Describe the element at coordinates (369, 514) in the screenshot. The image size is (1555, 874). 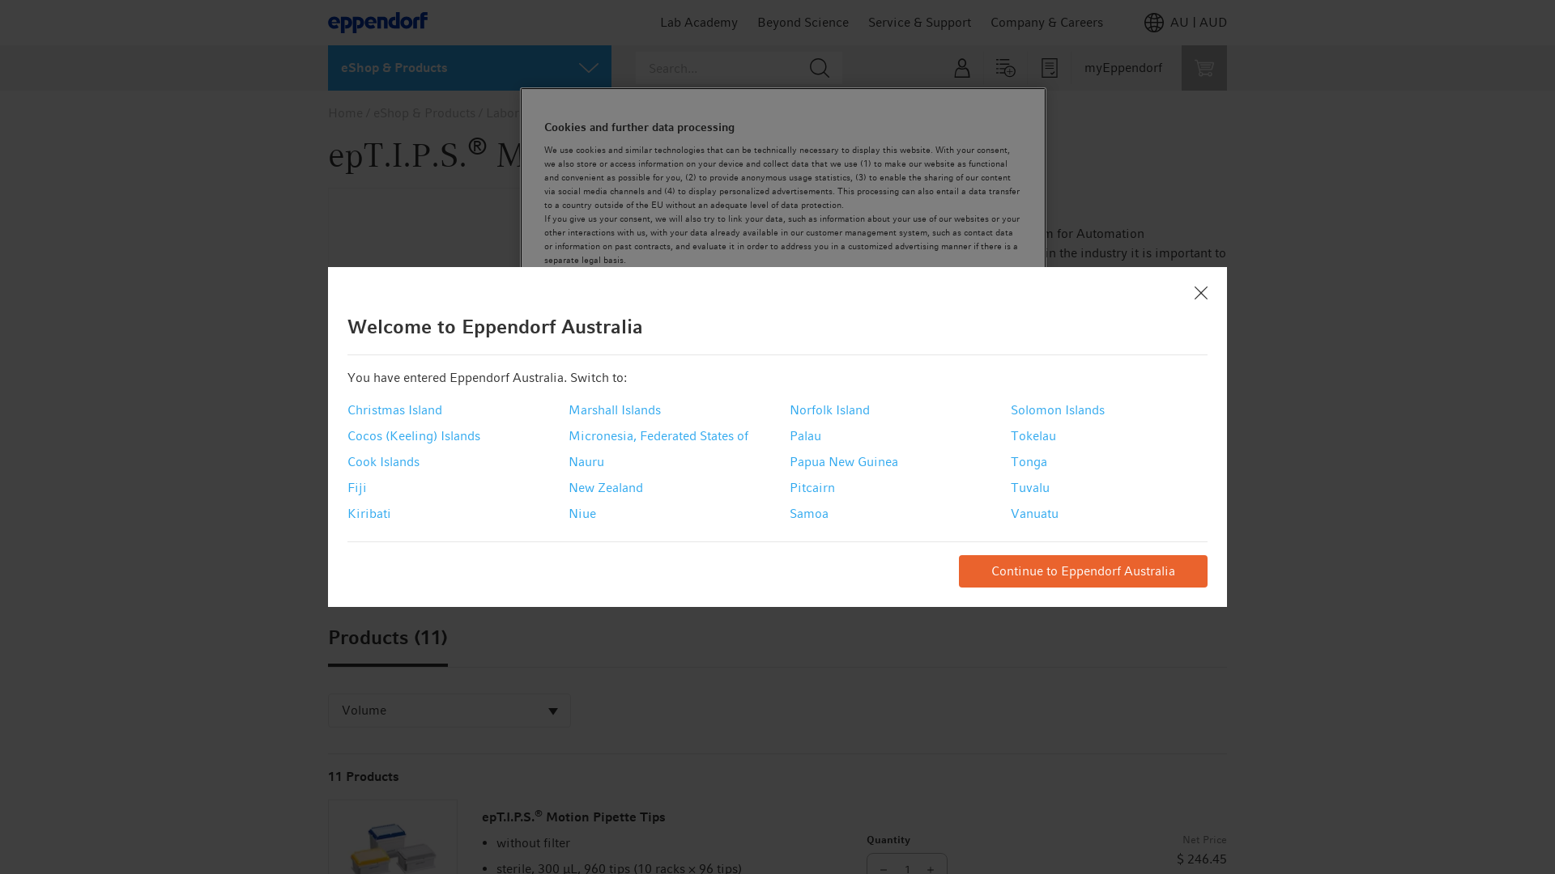
I see `'Kiribati'` at that location.